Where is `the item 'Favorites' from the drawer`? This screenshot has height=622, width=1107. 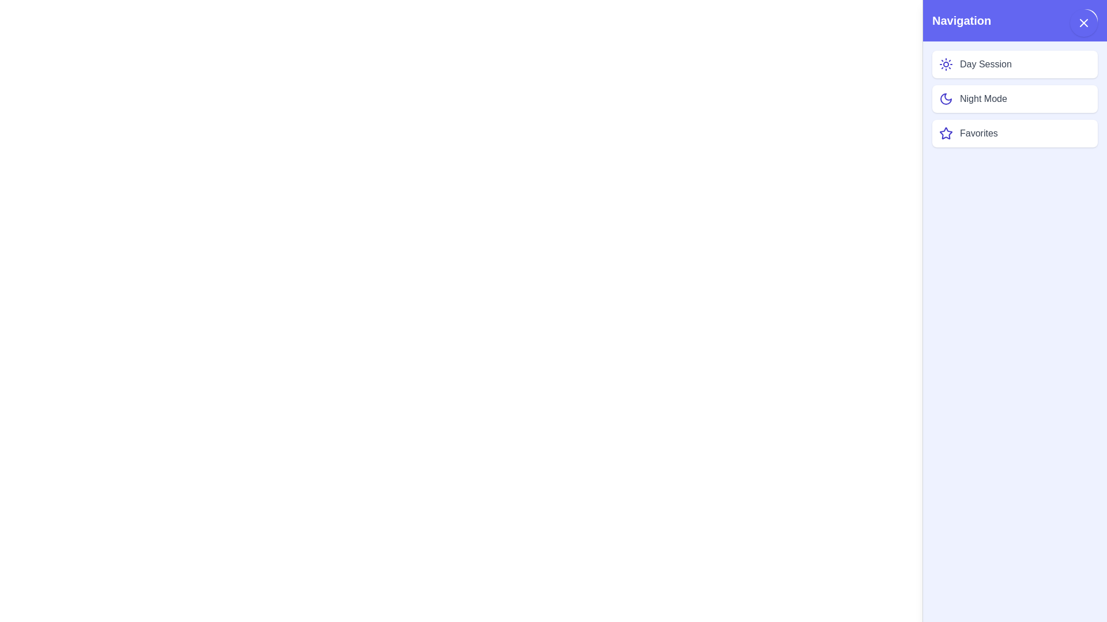 the item 'Favorites' from the drawer is located at coordinates (1015, 132).